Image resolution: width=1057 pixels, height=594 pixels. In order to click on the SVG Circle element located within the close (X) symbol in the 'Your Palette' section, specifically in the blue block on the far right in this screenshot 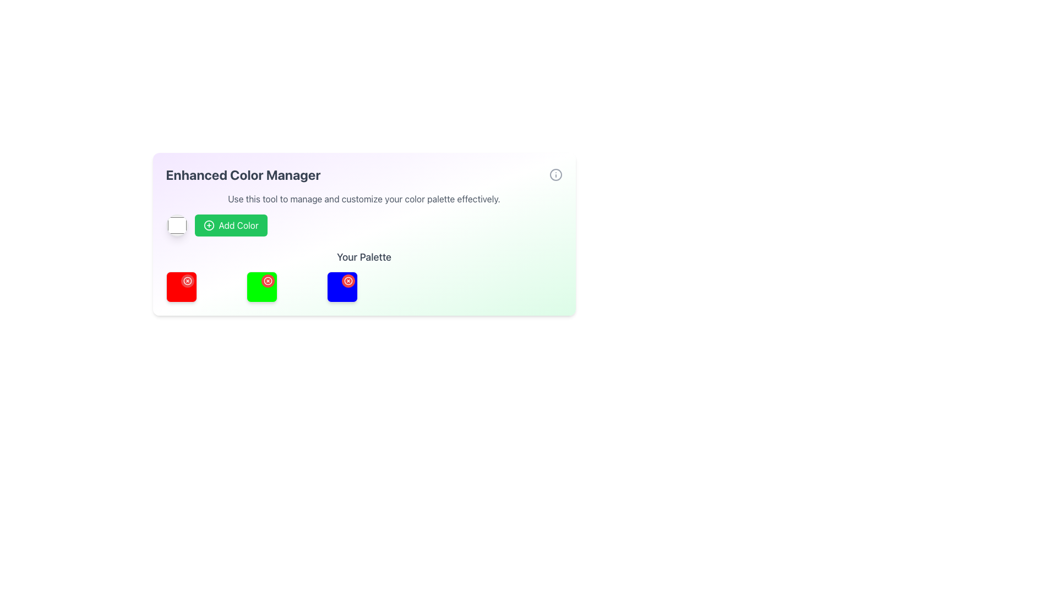, I will do `click(187, 280)`.